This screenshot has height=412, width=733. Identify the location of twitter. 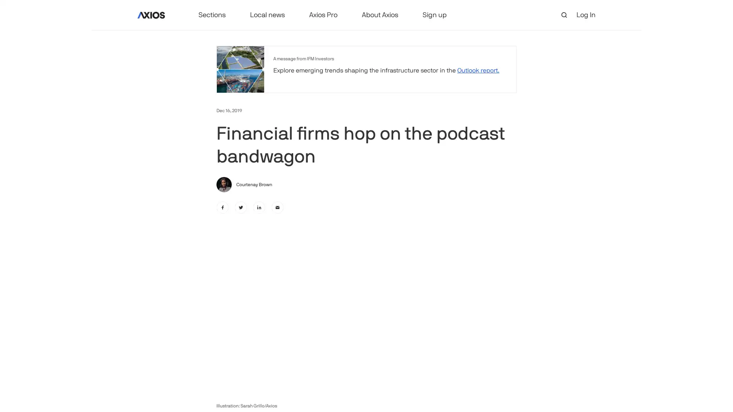
(240, 207).